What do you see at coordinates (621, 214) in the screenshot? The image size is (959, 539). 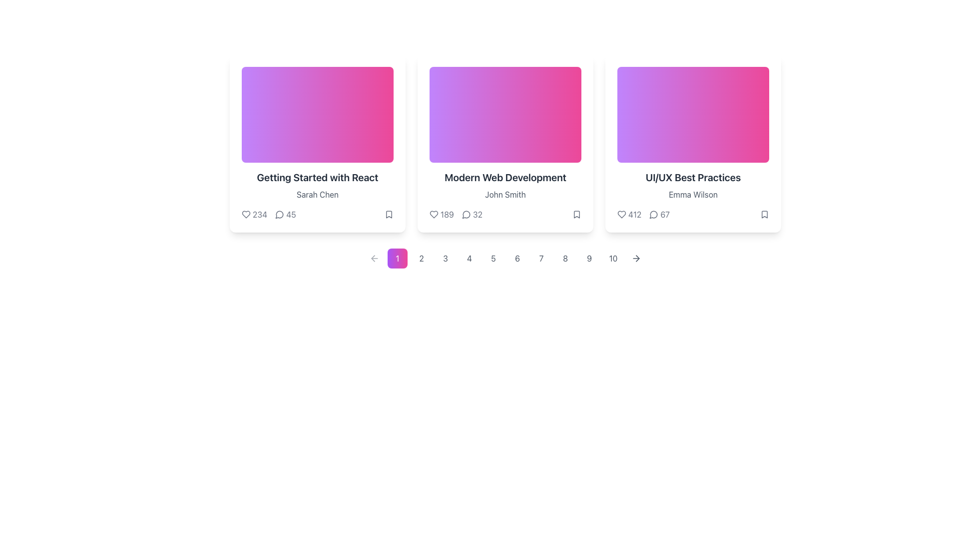 I see `the heart icon to like or favorite the content of the card titled 'UI/UX Best Practices', located in the bottom section of the card, first icon from the left in the interactive icons row` at bounding box center [621, 214].